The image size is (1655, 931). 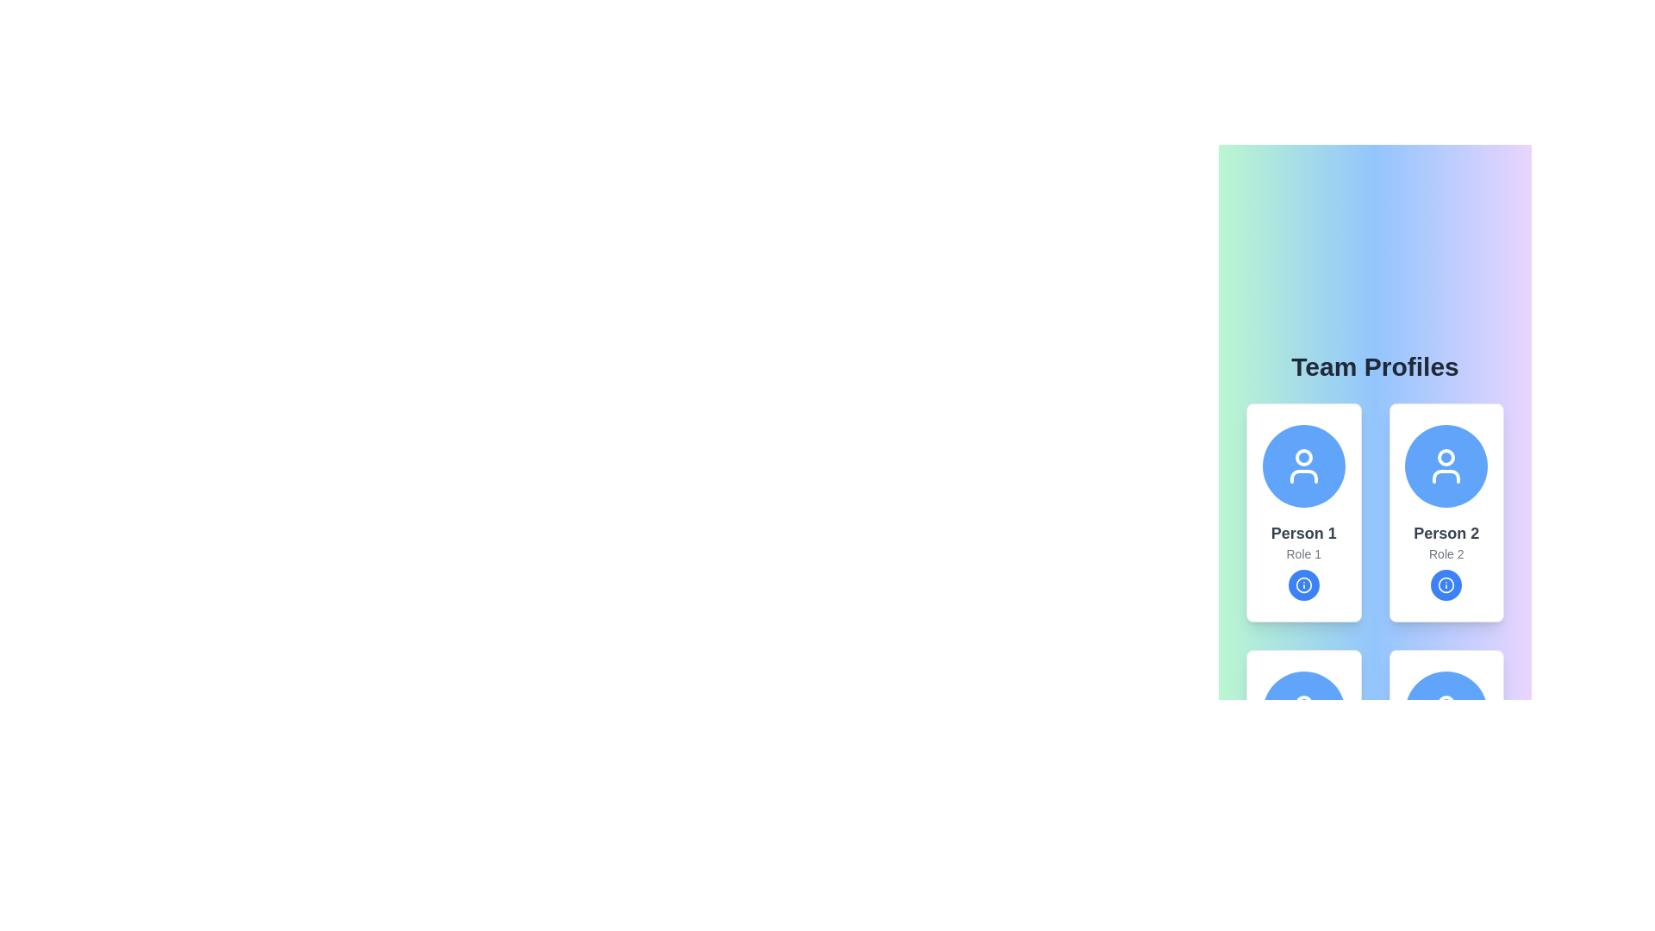 What do you see at coordinates (1303, 554) in the screenshot?
I see `role information displayed in the Text Label for 'Person 1' located directly beneath their name on the profile card` at bounding box center [1303, 554].